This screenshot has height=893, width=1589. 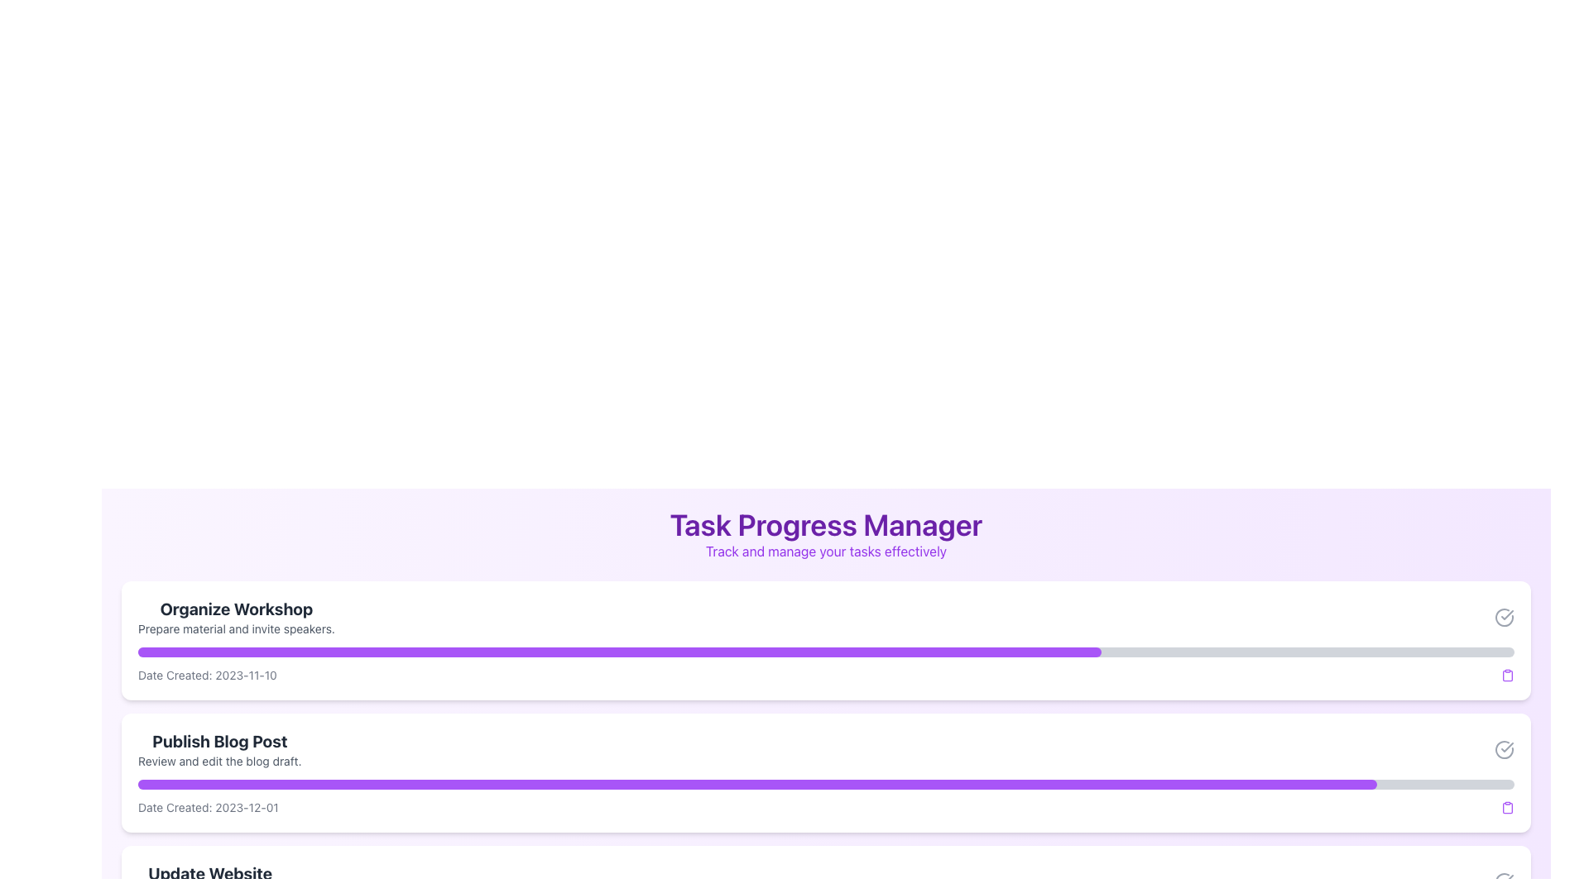 I want to click on displayed text 'Organize Workshop' which is a bold, large dark gray text located at the top of the task card under the header 'Task Progress Manager', so click(x=235, y=609).